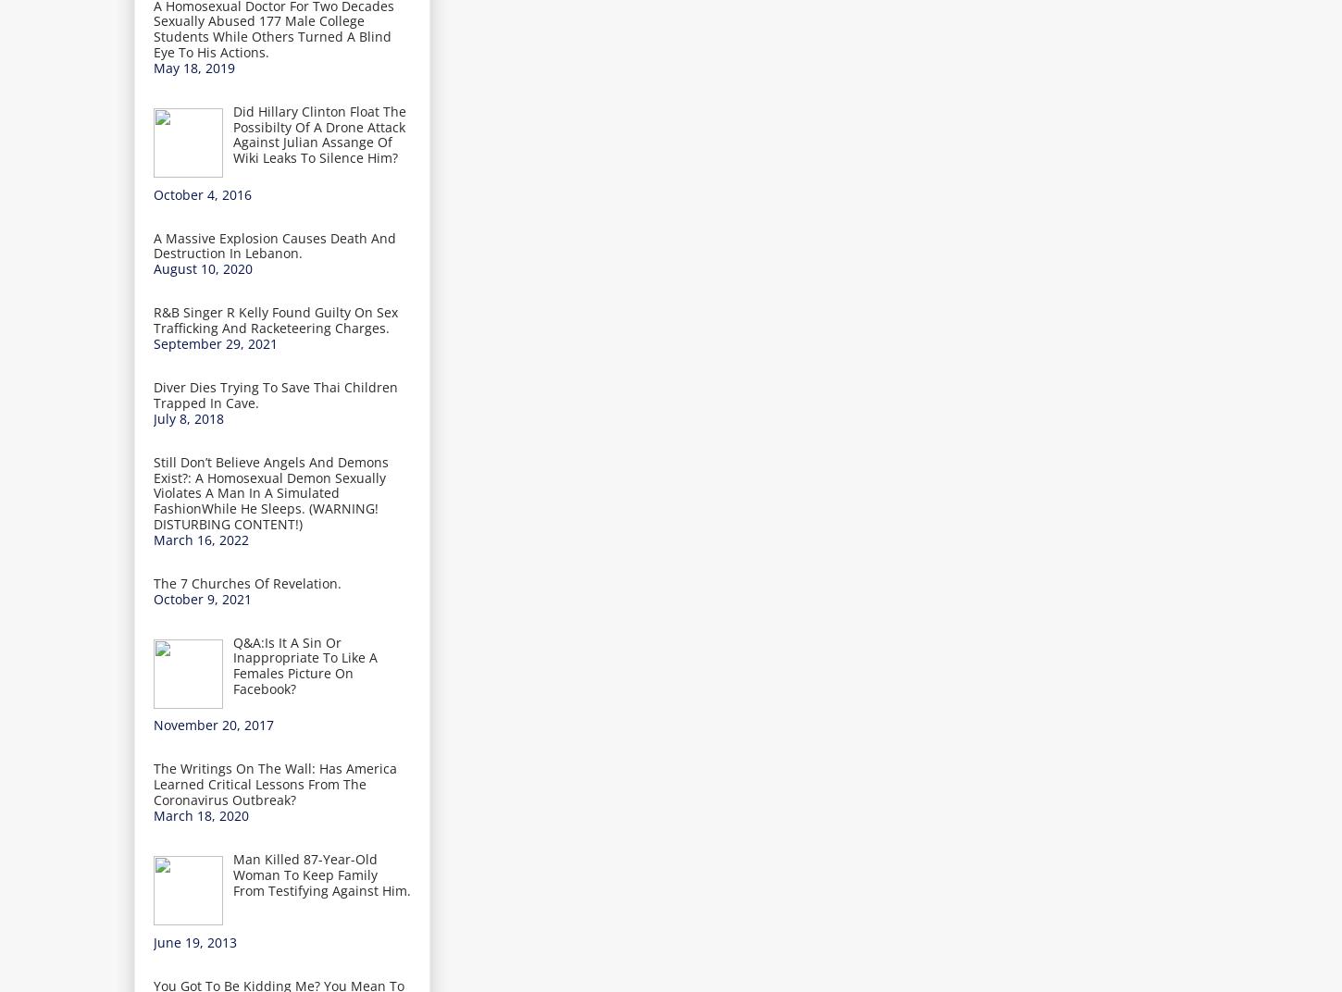  I want to click on 'The Writings On The Wall: Has America Learned Critical Lessons From The Coronavirus Outbreak?', so click(275, 783).